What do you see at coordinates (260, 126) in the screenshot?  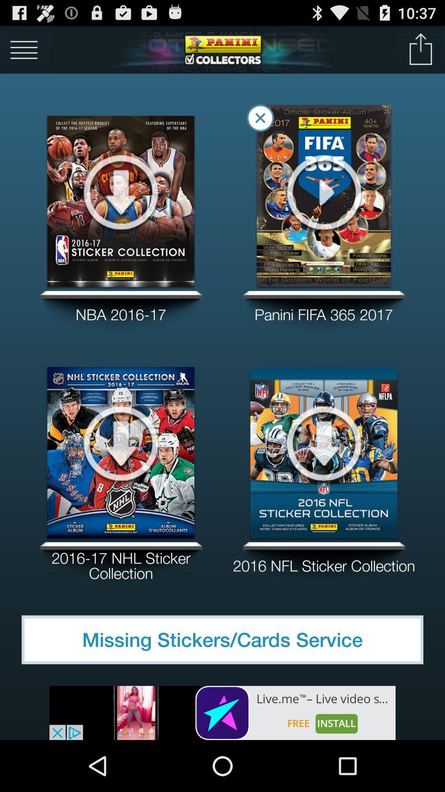 I see `the close icon` at bounding box center [260, 126].